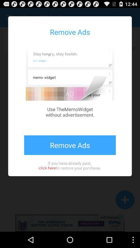 The image size is (140, 248). What do you see at coordinates (70, 165) in the screenshot?
I see `icon below remove ads` at bounding box center [70, 165].